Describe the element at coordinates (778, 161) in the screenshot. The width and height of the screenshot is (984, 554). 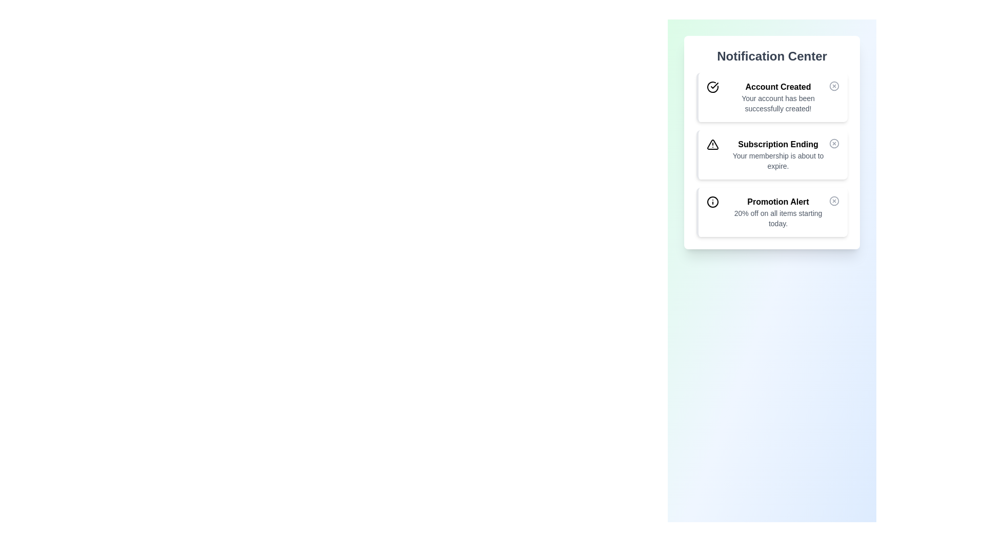
I see `static text displaying 'Your membership is about to expire.' which is styled in gray color and located in the middle notification card of the 'Notification Center' widget, directly under the heading 'Subscription Ending'` at that location.